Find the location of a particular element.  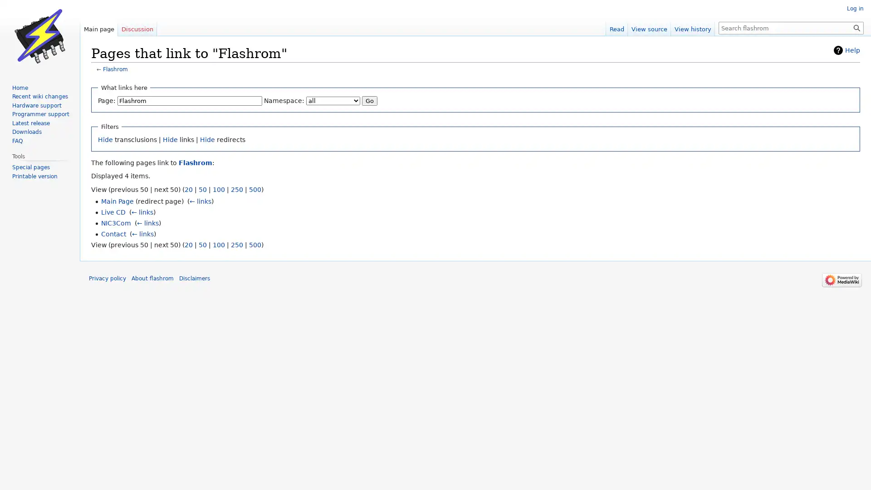

Go is located at coordinates (856, 27).